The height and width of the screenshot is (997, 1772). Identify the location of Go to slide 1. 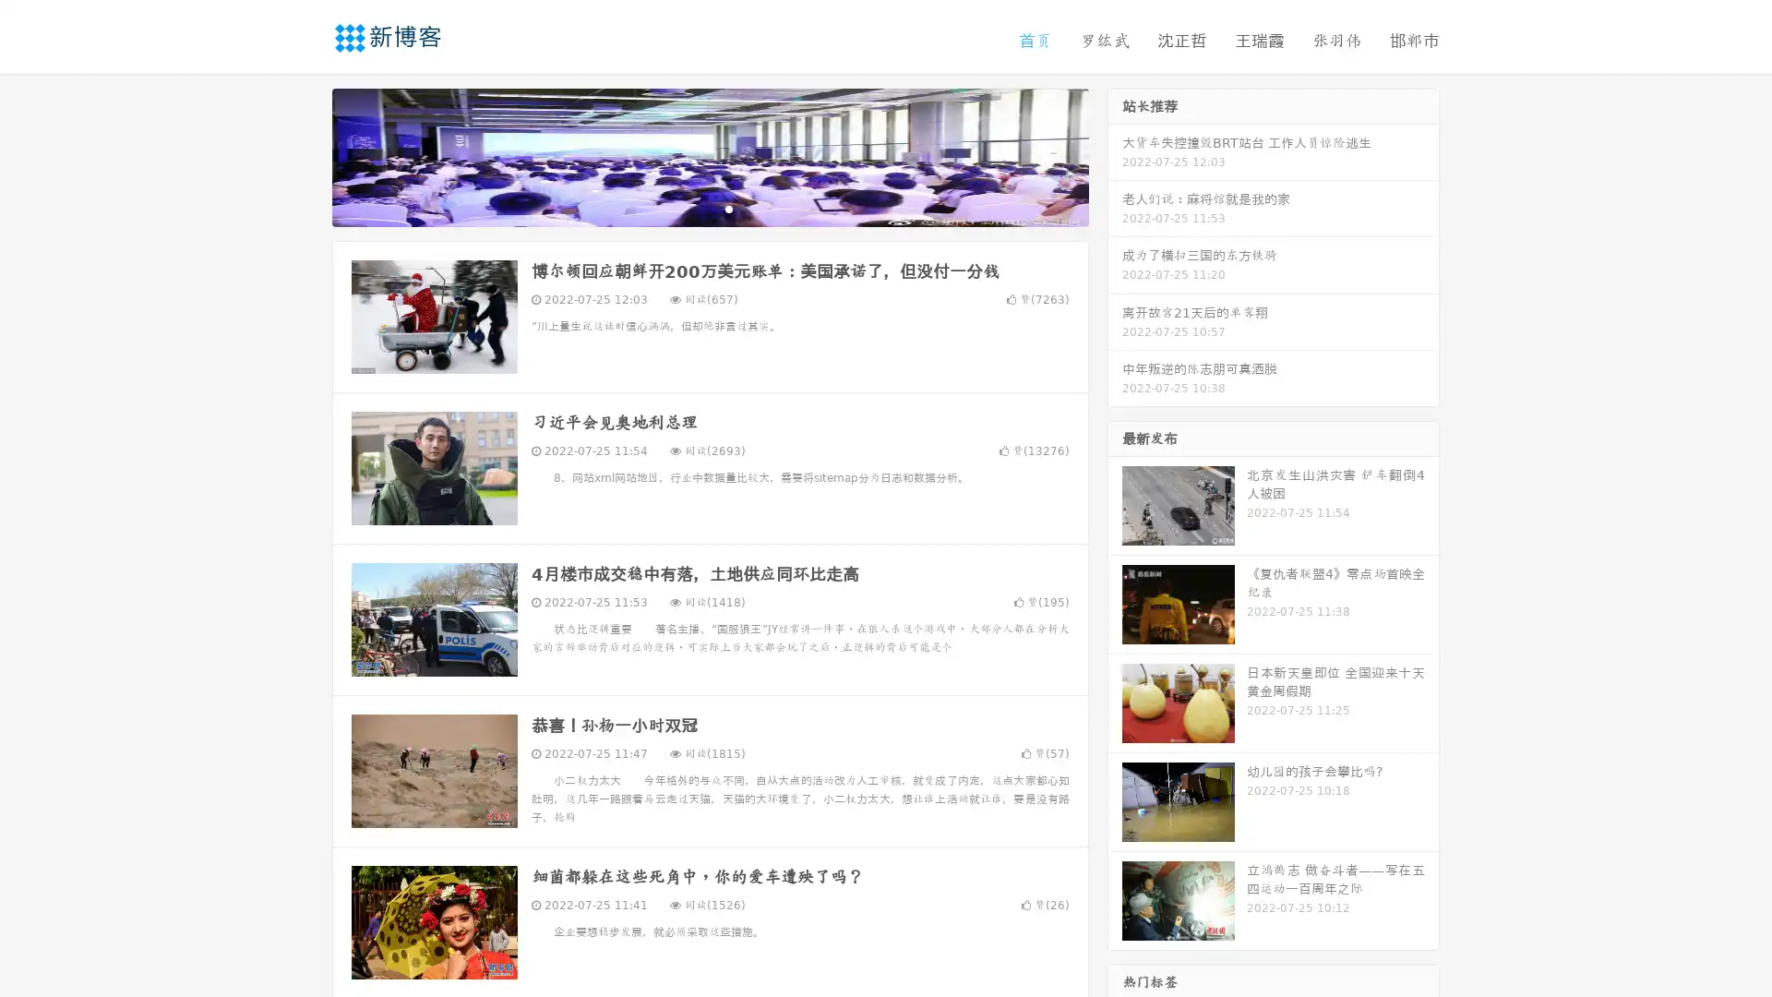
(690, 208).